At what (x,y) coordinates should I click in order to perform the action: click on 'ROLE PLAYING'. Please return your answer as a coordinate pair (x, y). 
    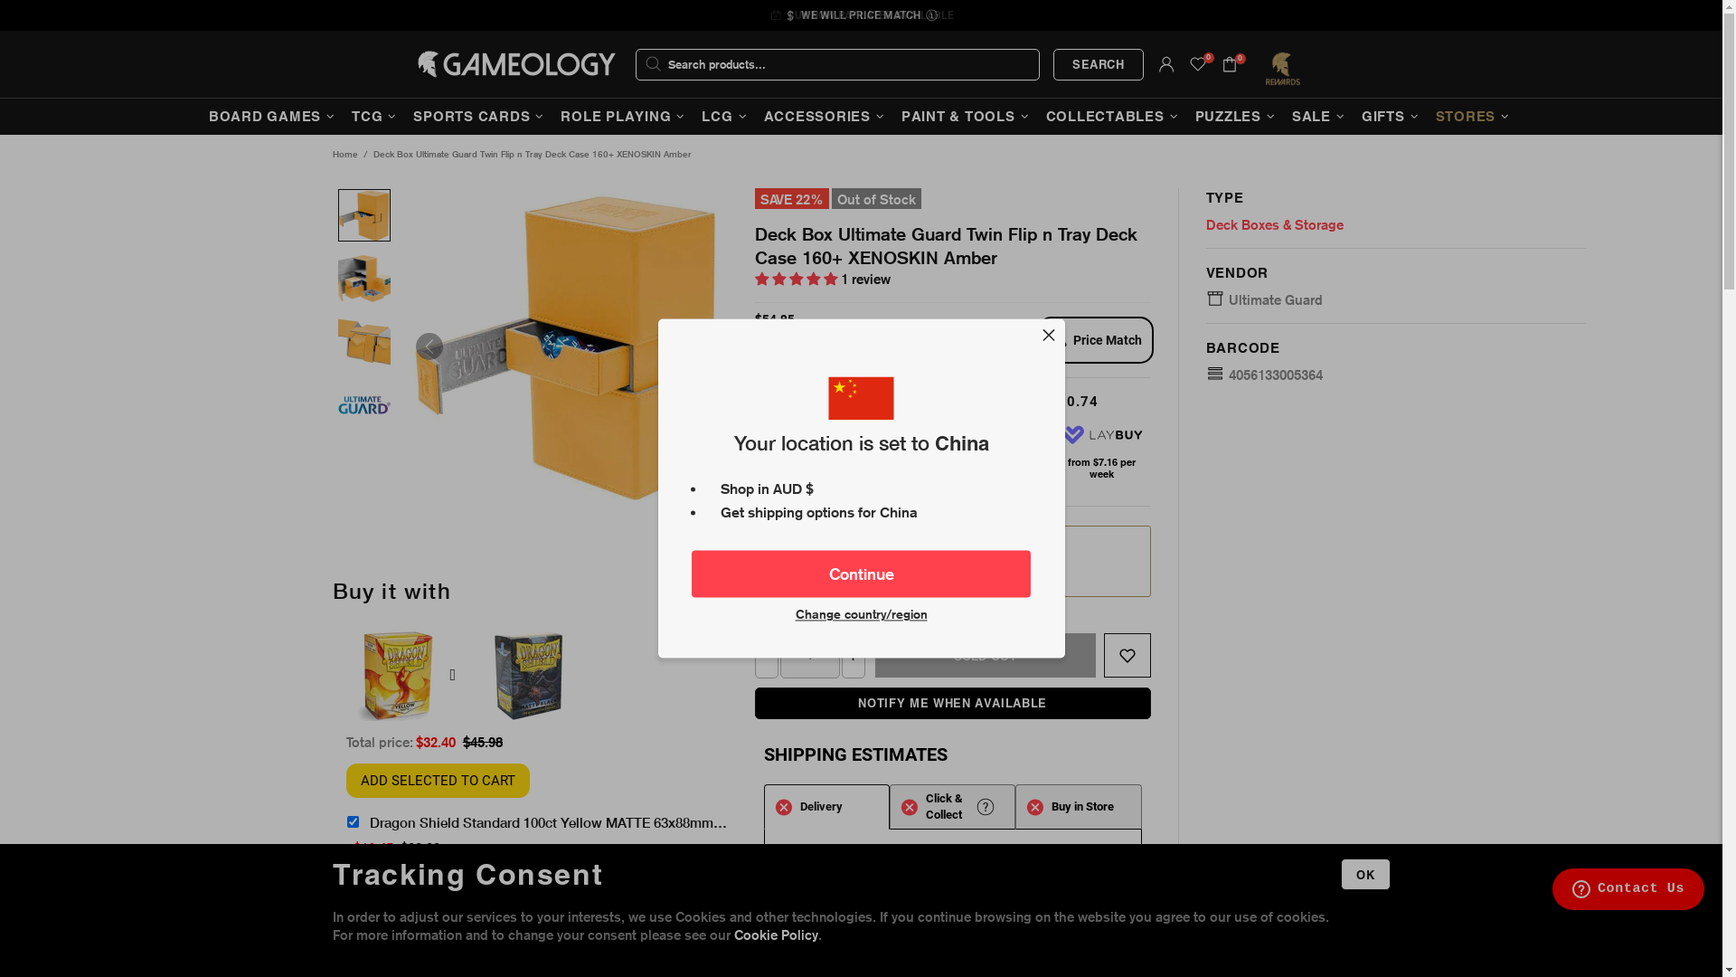
    Looking at the image, I should click on (625, 116).